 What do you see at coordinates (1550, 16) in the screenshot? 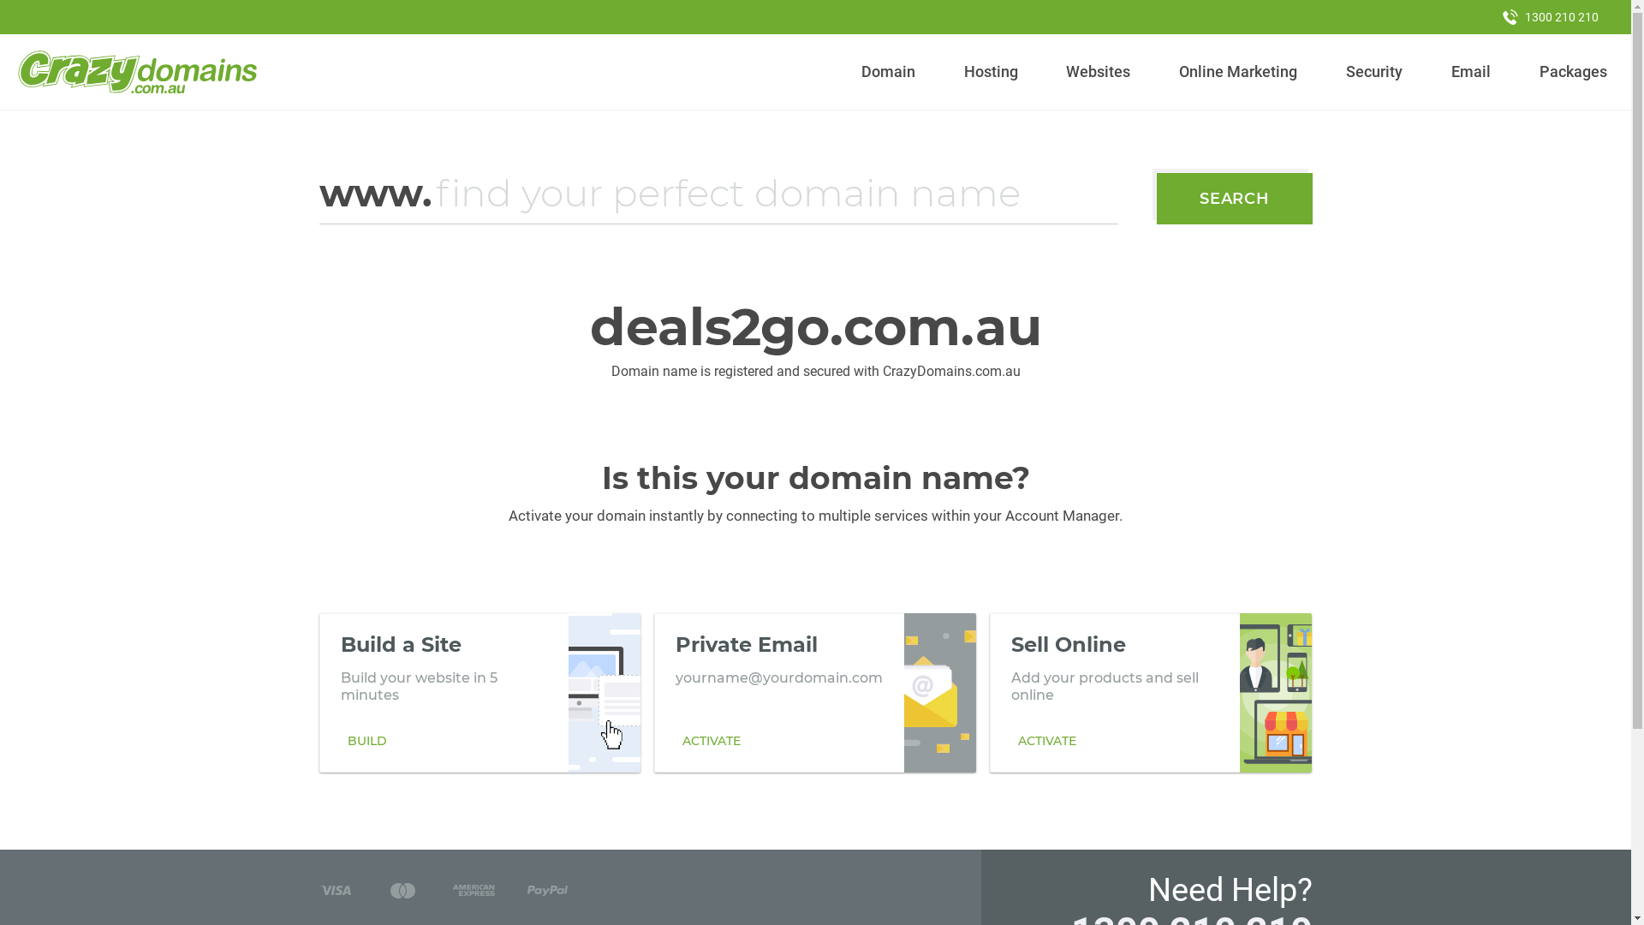
I see `'1300 210 210'` at bounding box center [1550, 16].